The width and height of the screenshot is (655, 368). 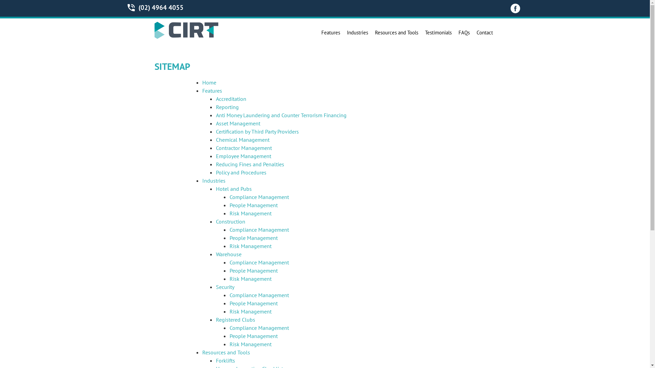 I want to click on 'Policy and Procedures', so click(x=241, y=172).